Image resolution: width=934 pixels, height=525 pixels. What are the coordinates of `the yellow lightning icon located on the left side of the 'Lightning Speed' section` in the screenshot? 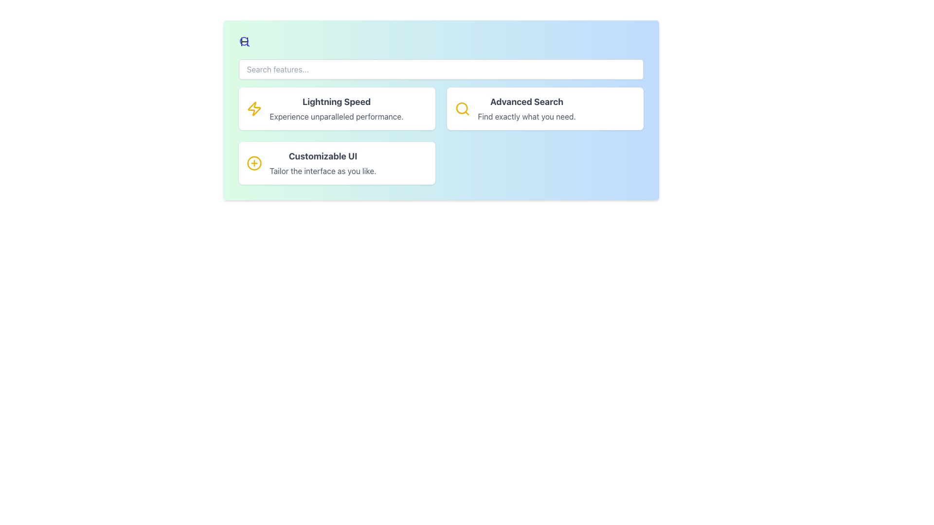 It's located at (254, 108).